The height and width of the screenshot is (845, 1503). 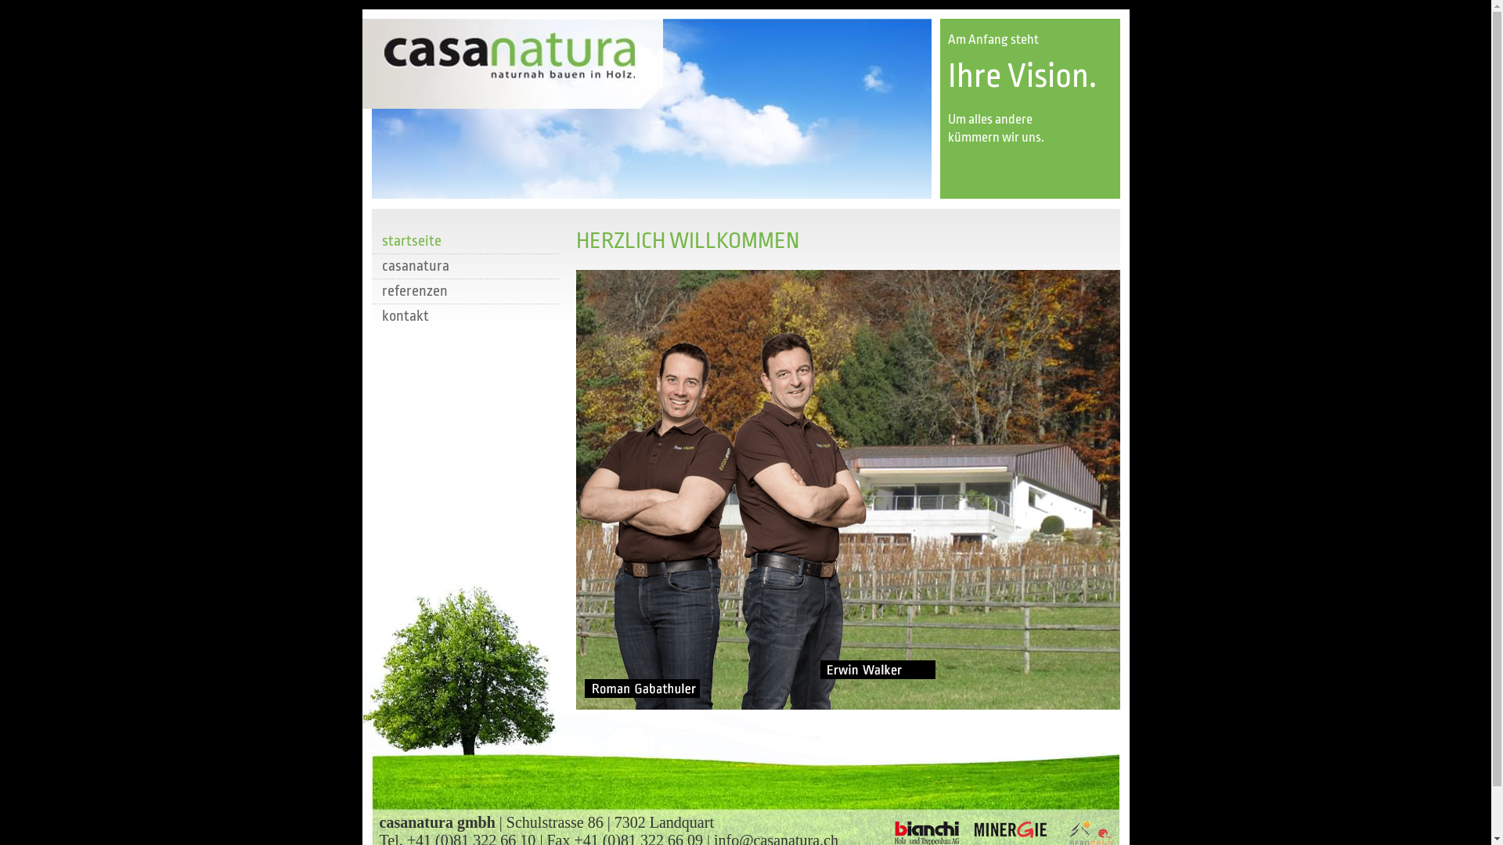 I want to click on 'referenzen', so click(x=464, y=290).